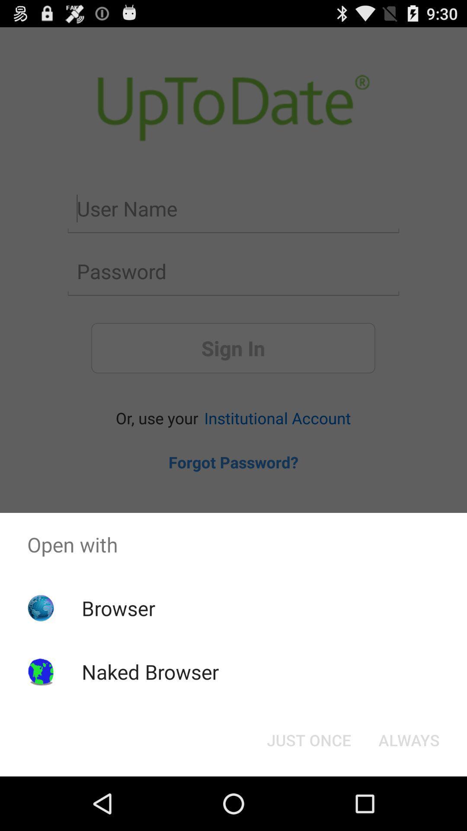  I want to click on the icon next to the just once, so click(409, 739).